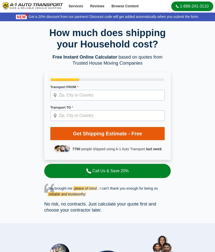  I want to click on 'reliable and trustworthy', so click(67, 193).